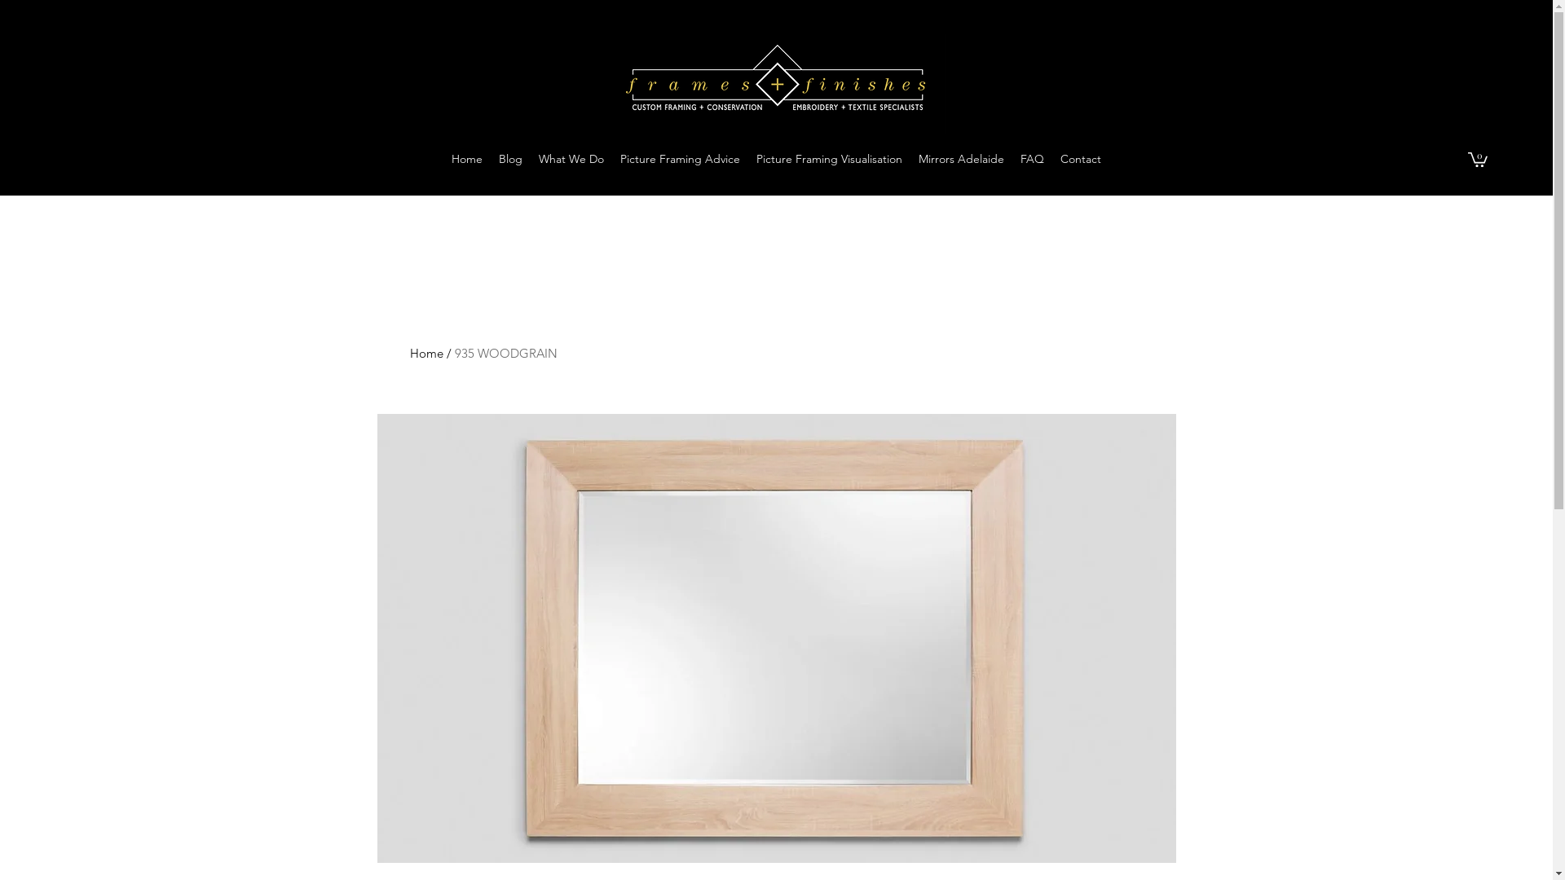  I want to click on '935 WOODGRAIN', so click(505, 352).